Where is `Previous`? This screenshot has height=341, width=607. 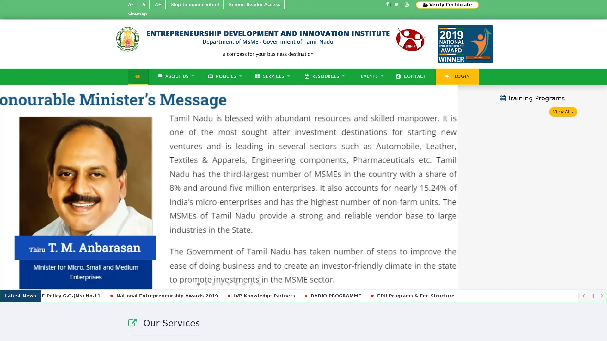
Previous is located at coordinates (12, 180).